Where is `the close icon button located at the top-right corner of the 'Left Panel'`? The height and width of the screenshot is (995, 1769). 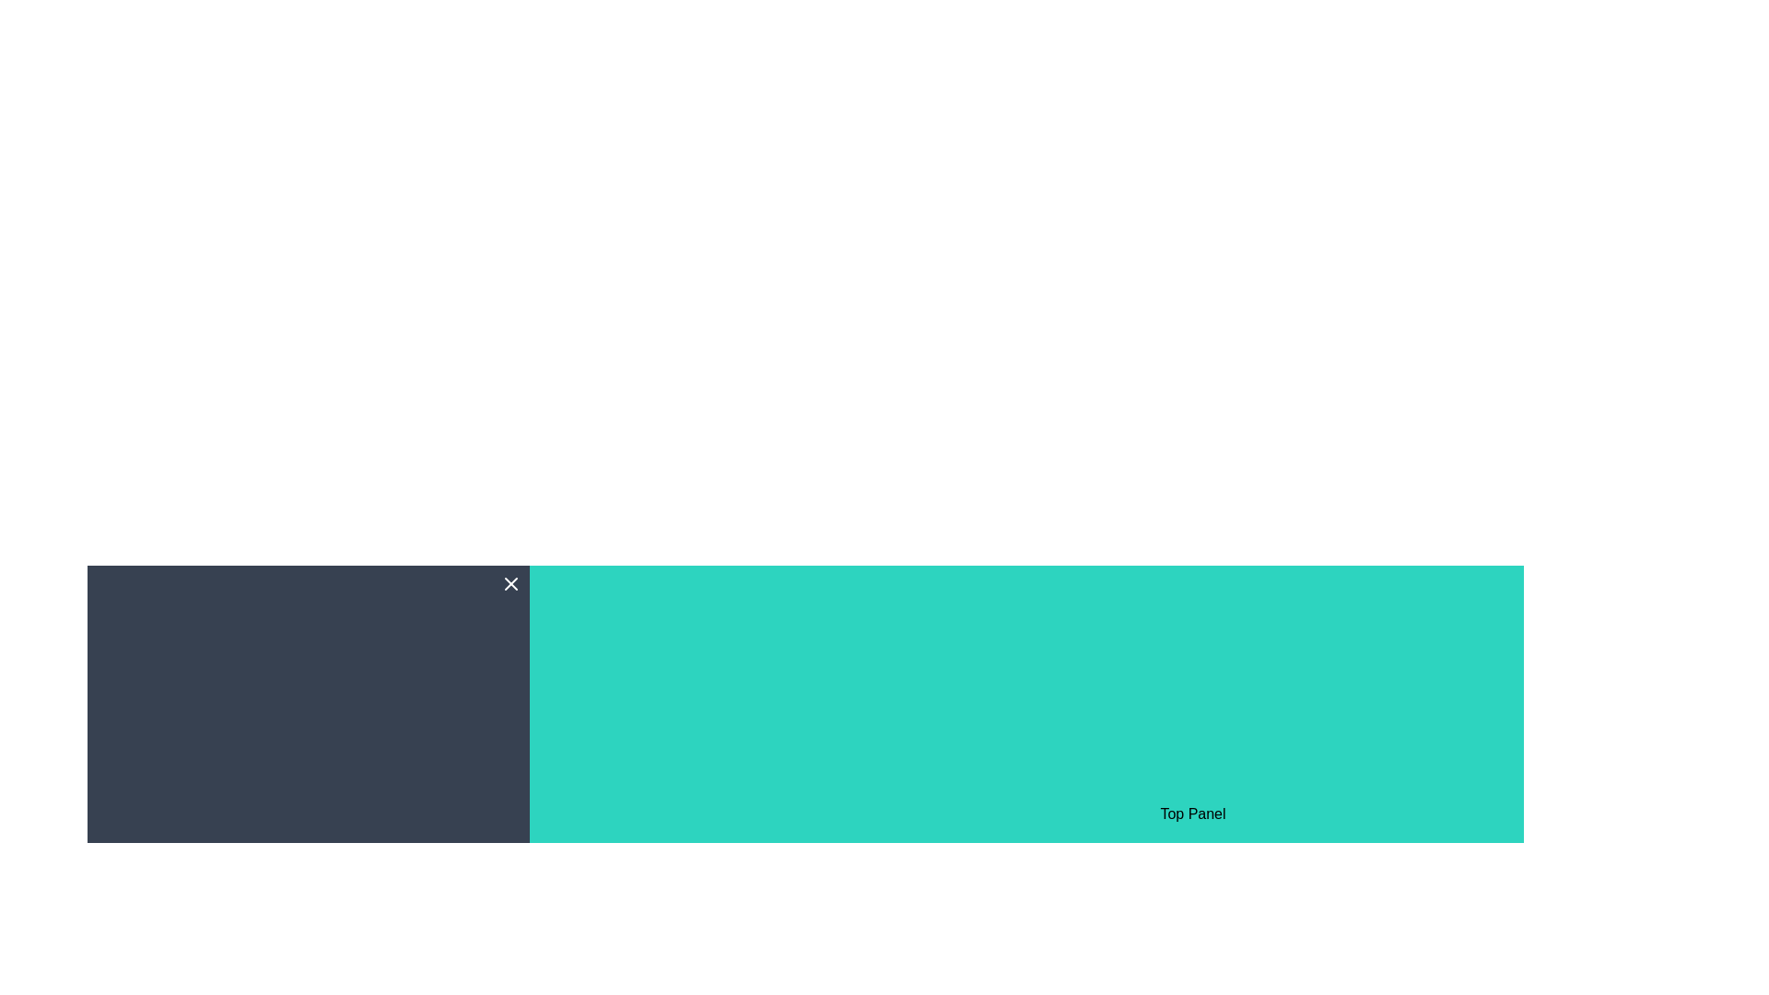 the close icon button located at the top-right corner of the 'Left Panel' is located at coordinates (511, 583).